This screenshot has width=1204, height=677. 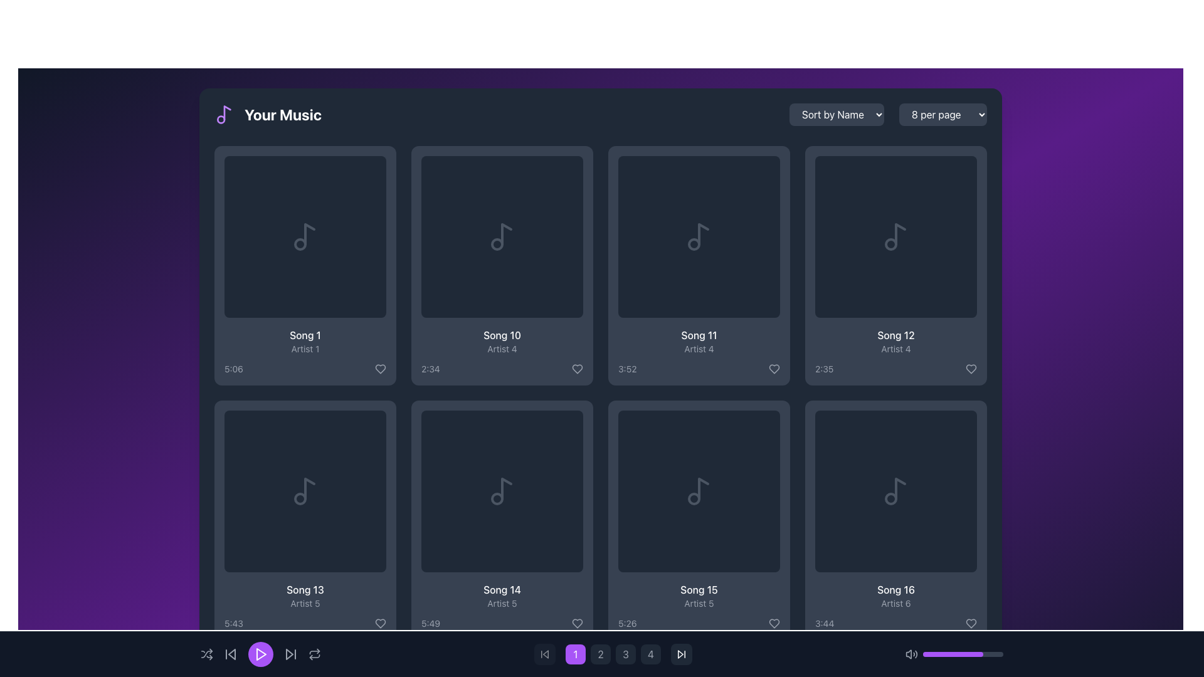 What do you see at coordinates (698, 349) in the screenshot?
I see `the static text element displaying 'Artist 4'` at bounding box center [698, 349].